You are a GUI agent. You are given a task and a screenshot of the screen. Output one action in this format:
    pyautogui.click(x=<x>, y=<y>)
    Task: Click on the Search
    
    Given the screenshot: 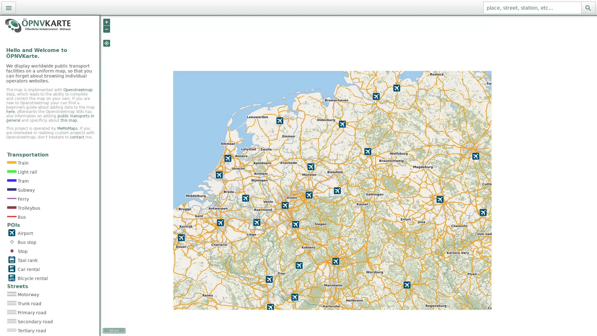 What is the action you would take?
    pyautogui.click(x=588, y=7)
    